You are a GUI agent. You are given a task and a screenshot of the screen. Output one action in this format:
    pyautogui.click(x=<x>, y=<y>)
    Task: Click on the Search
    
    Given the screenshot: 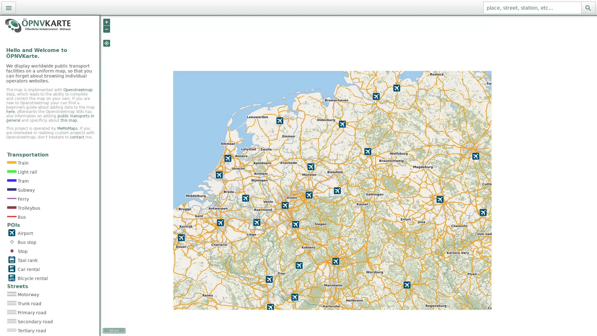 What is the action you would take?
    pyautogui.click(x=588, y=7)
    